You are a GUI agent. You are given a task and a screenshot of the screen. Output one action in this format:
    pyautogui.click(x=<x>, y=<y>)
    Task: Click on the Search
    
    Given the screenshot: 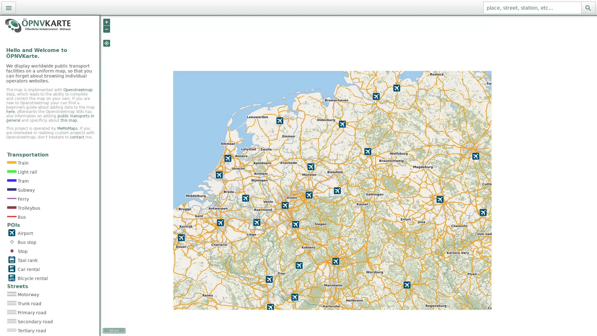 What is the action you would take?
    pyautogui.click(x=588, y=7)
    